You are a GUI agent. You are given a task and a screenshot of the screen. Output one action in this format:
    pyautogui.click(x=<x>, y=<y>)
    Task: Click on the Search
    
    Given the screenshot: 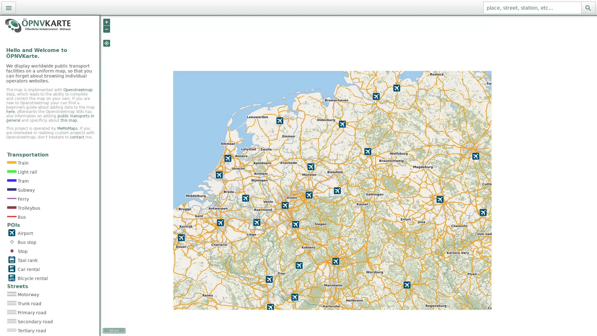 What is the action you would take?
    pyautogui.click(x=588, y=7)
    